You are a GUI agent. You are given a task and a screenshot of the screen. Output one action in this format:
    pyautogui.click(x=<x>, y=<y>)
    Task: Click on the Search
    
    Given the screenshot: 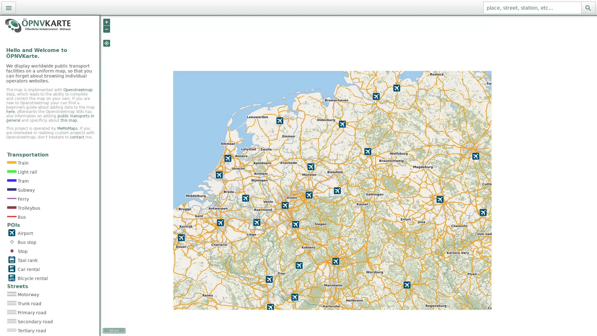 What is the action you would take?
    pyautogui.click(x=588, y=7)
    